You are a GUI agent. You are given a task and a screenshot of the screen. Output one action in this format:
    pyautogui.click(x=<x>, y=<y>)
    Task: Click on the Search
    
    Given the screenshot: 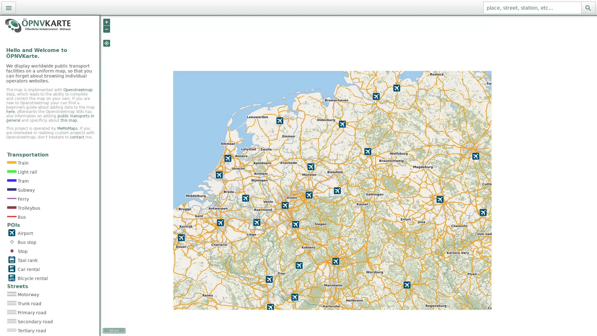 What is the action you would take?
    pyautogui.click(x=588, y=7)
    